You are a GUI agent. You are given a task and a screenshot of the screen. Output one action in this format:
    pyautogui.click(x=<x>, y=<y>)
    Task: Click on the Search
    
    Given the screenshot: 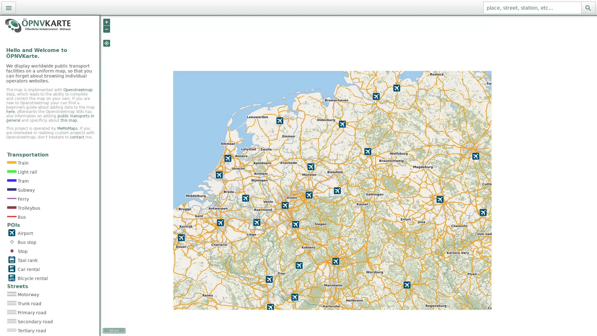 What is the action you would take?
    pyautogui.click(x=588, y=7)
    